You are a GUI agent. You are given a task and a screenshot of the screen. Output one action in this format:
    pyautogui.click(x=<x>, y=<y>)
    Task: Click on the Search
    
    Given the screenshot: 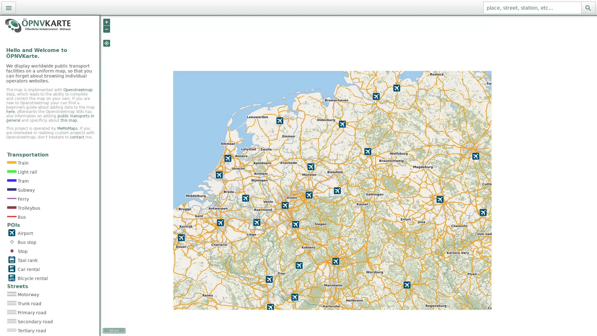 What is the action you would take?
    pyautogui.click(x=588, y=7)
    